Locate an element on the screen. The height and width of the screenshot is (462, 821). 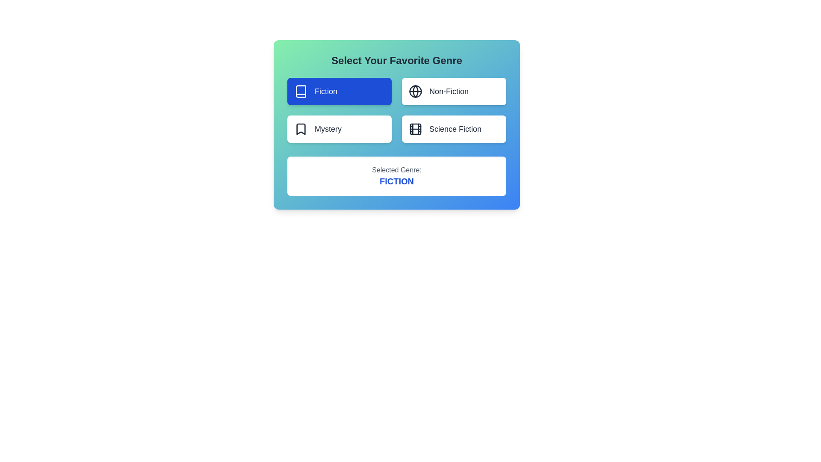
the genre Mystery by clicking on its button is located at coordinates (339, 129).